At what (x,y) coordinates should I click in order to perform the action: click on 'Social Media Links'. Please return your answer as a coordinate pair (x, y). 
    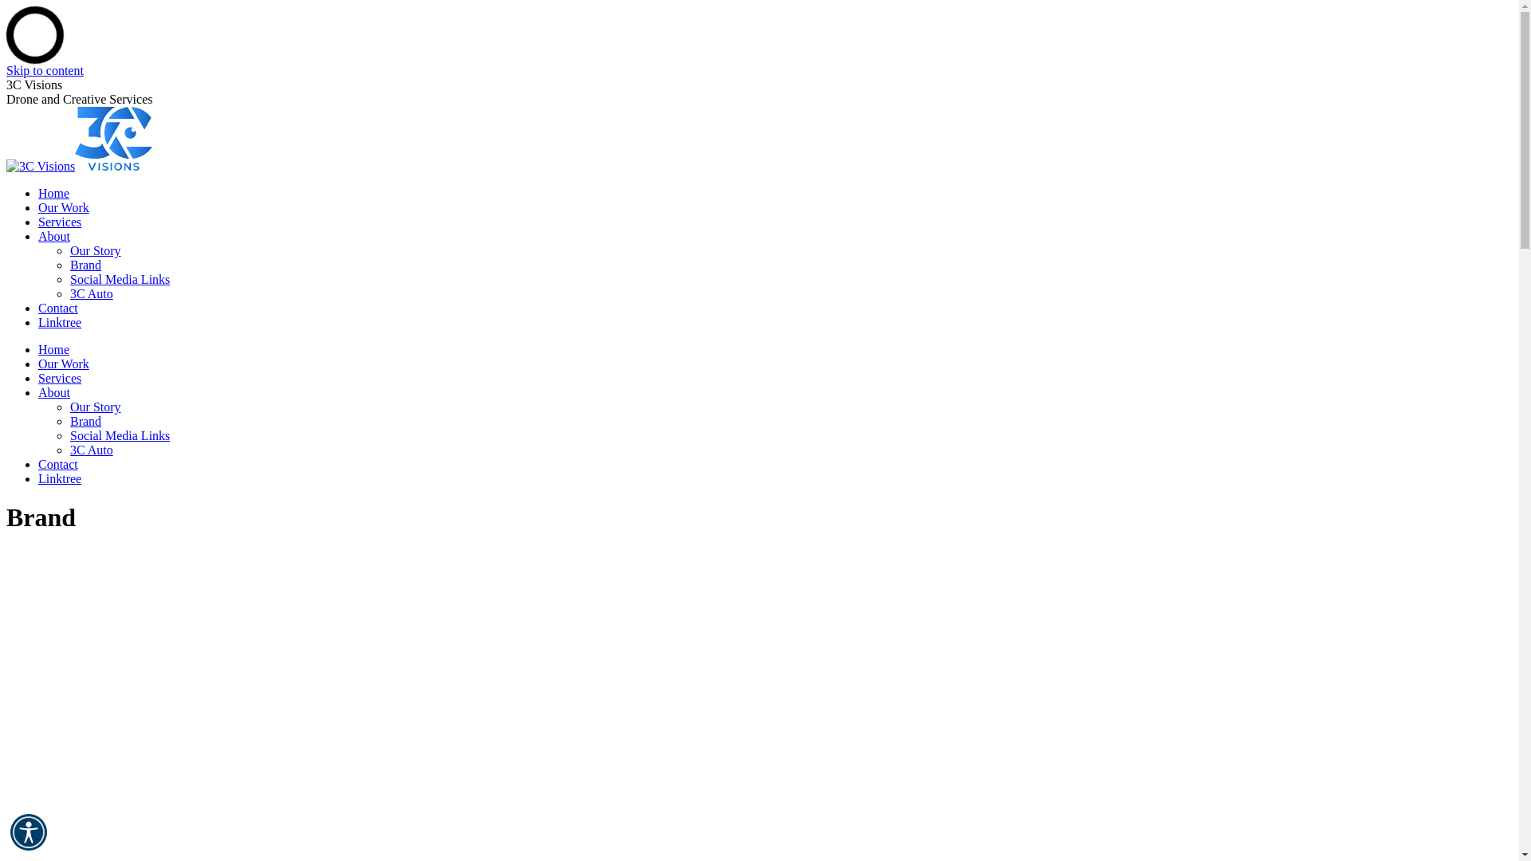
    Looking at the image, I should click on (69, 278).